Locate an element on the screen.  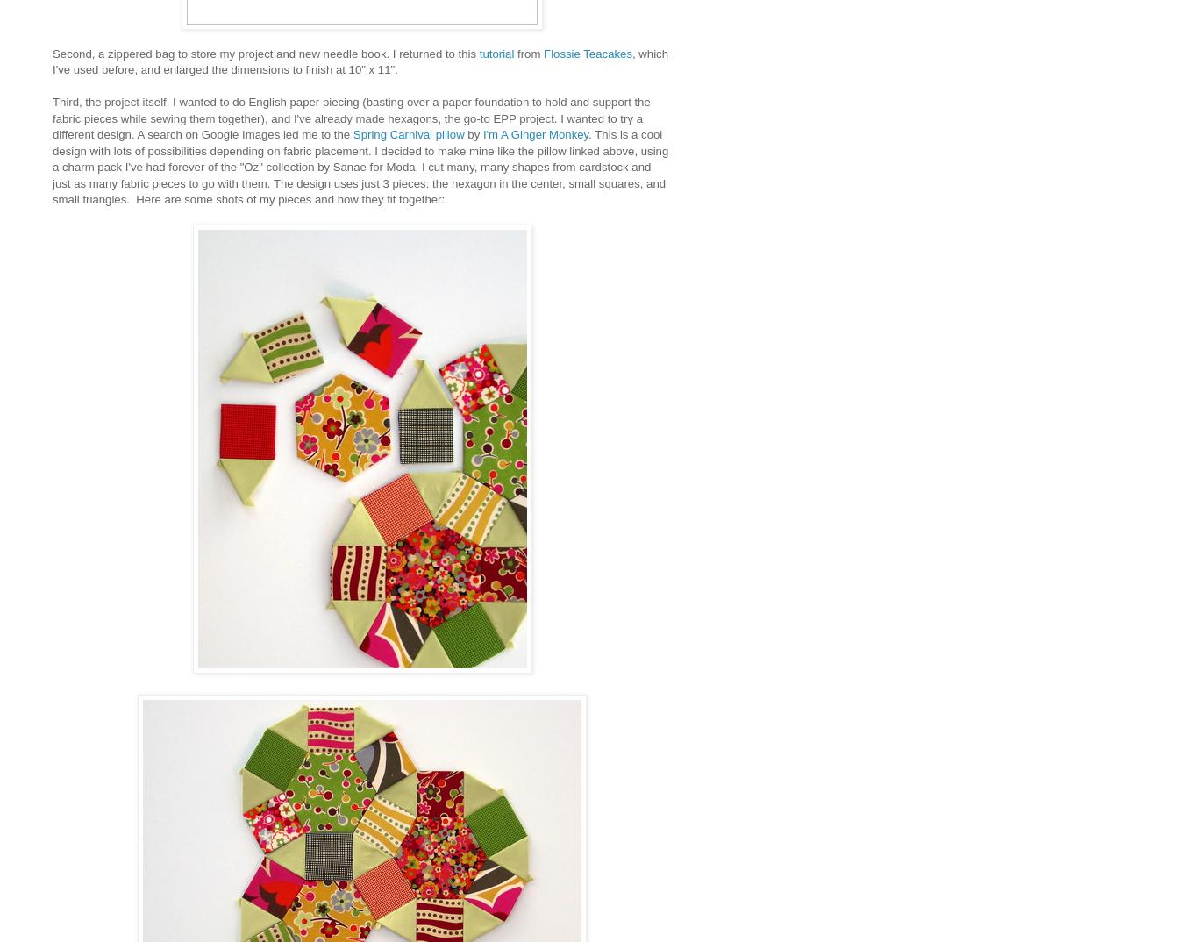
'I'm A Ginger Monkey' is located at coordinates (534, 133).